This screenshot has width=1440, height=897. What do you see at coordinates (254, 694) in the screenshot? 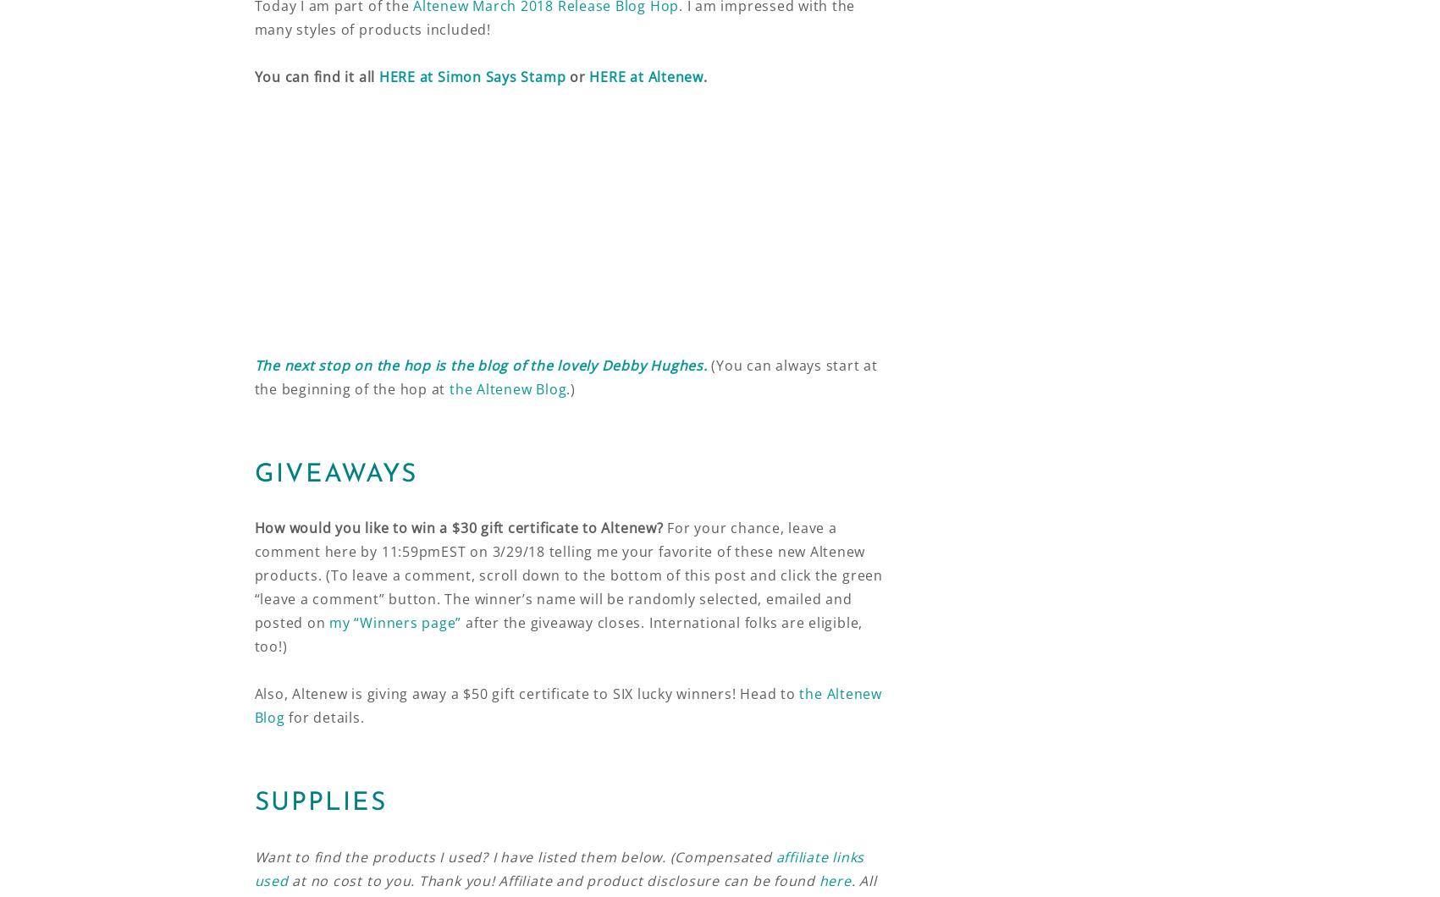
I see `'Also, Altenew is giving away a $50 gift certificate to SIX lucky winners! Head to'` at bounding box center [254, 694].